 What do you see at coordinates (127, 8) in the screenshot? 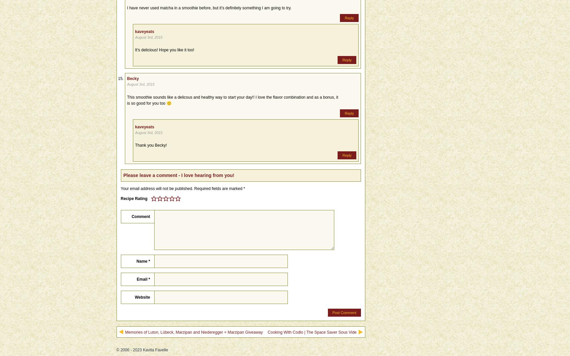
I see `'I have never used matcha in a smoothie before, but it’s definitely something I am going to try.'` at bounding box center [127, 8].